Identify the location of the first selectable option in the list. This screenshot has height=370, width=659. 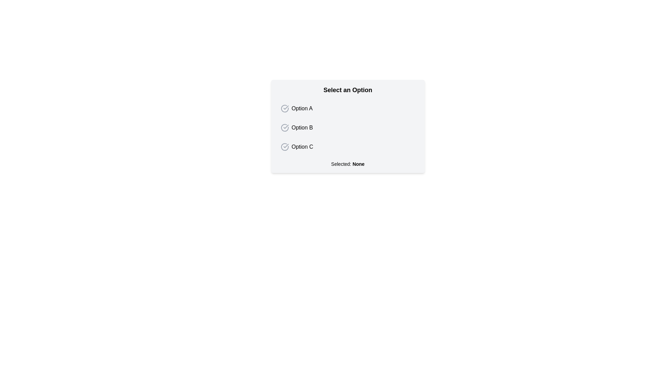
(348, 108).